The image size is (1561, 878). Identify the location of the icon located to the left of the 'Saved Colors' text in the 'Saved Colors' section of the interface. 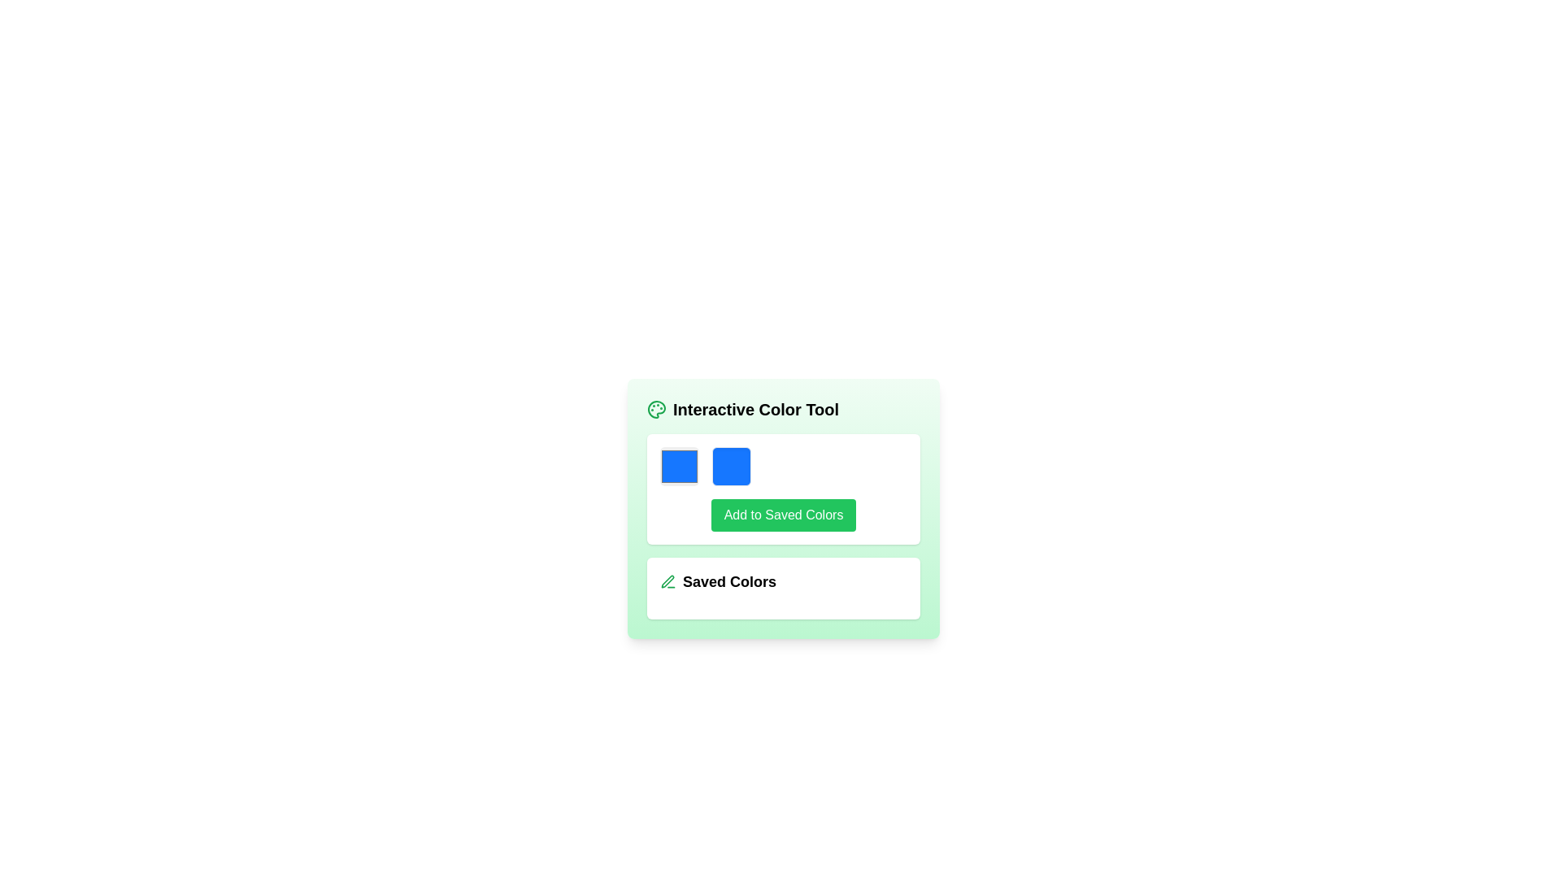
(667, 581).